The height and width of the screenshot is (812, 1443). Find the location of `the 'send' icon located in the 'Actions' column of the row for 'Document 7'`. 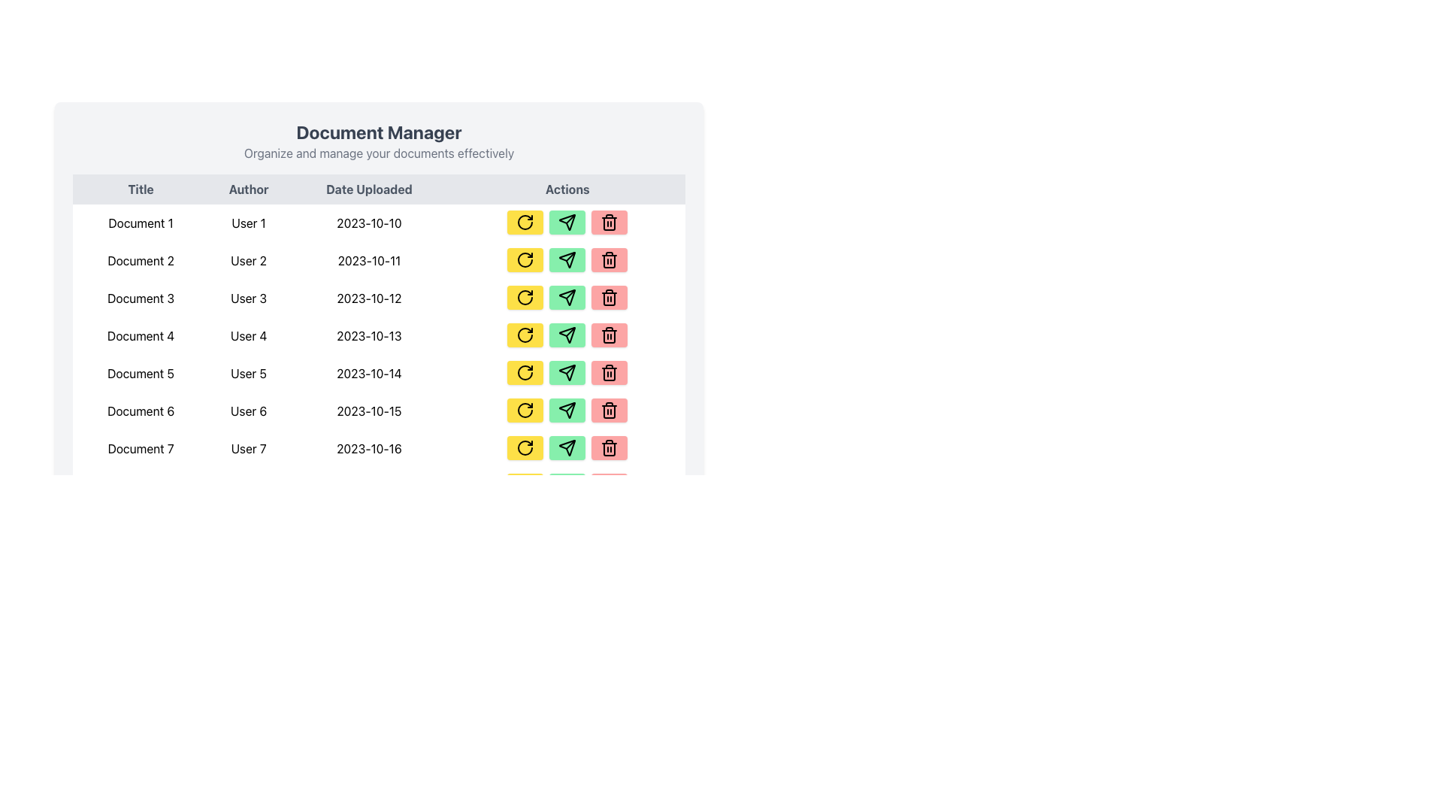

the 'send' icon located in the 'Actions' column of the row for 'Document 7' is located at coordinates (567, 447).